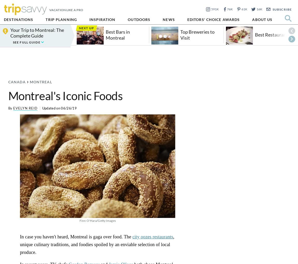  I want to click on 'Evelyn Reid', so click(13, 108).